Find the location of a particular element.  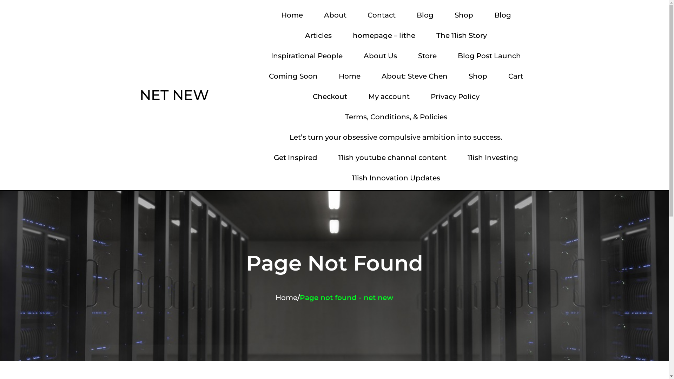

'Checkout' is located at coordinates (304, 96).